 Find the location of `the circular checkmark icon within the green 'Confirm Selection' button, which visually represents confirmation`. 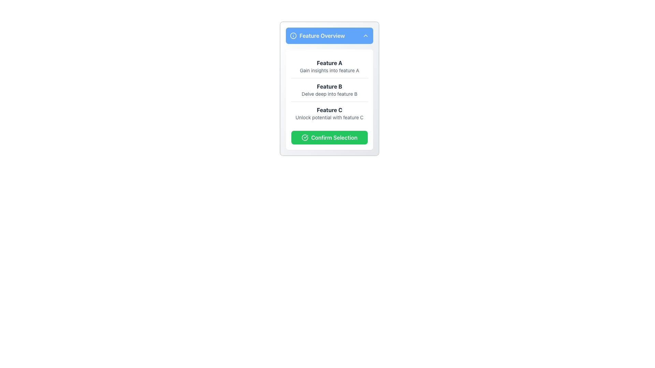

the circular checkmark icon within the green 'Confirm Selection' button, which visually represents confirmation is located at coordinates (305, 138).